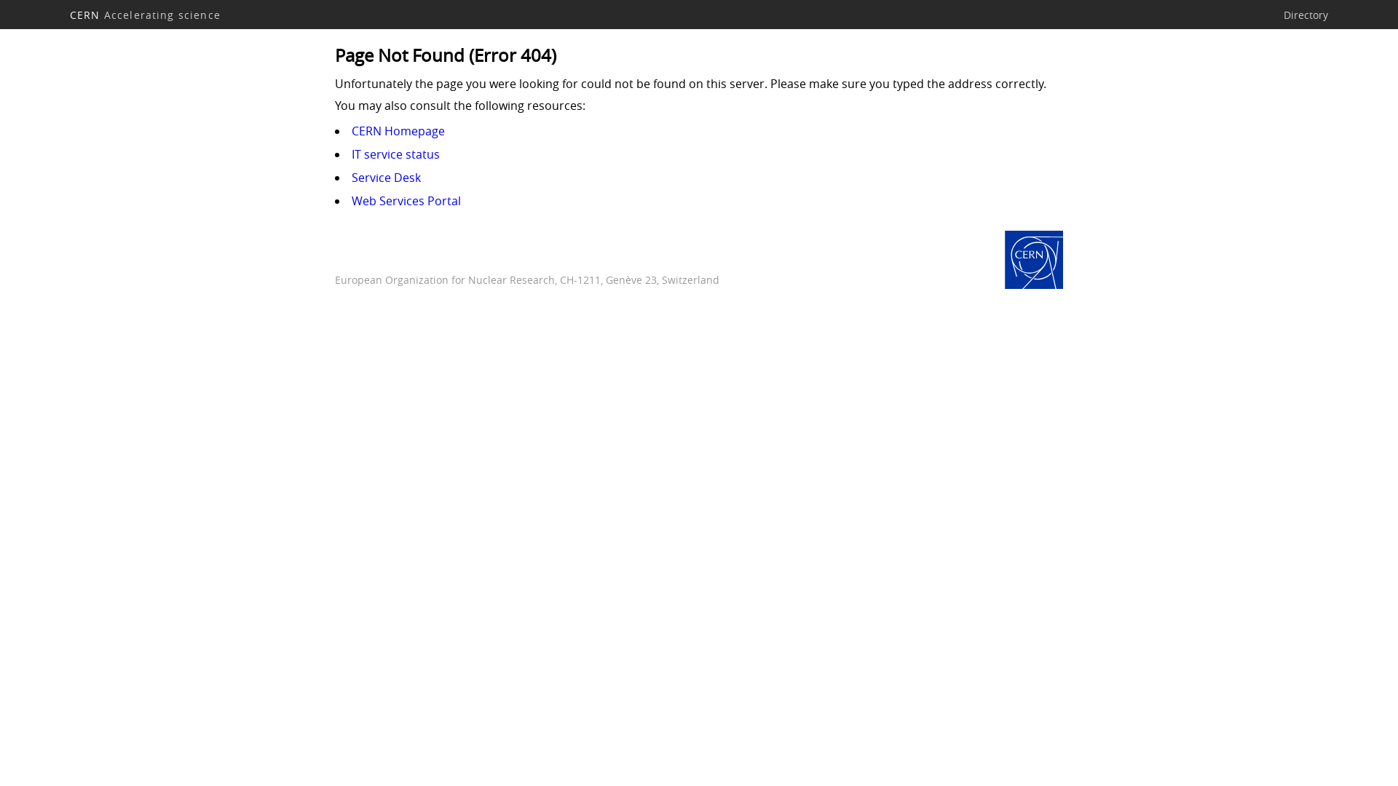 This screenshot has height=786, width=1398. I want to click on 'CERN Homepage', so click(352, 131).